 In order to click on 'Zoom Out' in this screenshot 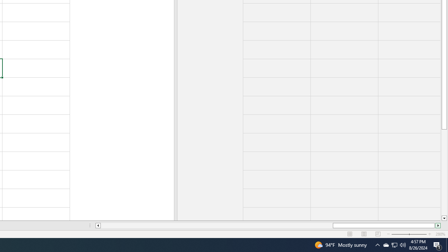, I will do `click(405, 234)`.